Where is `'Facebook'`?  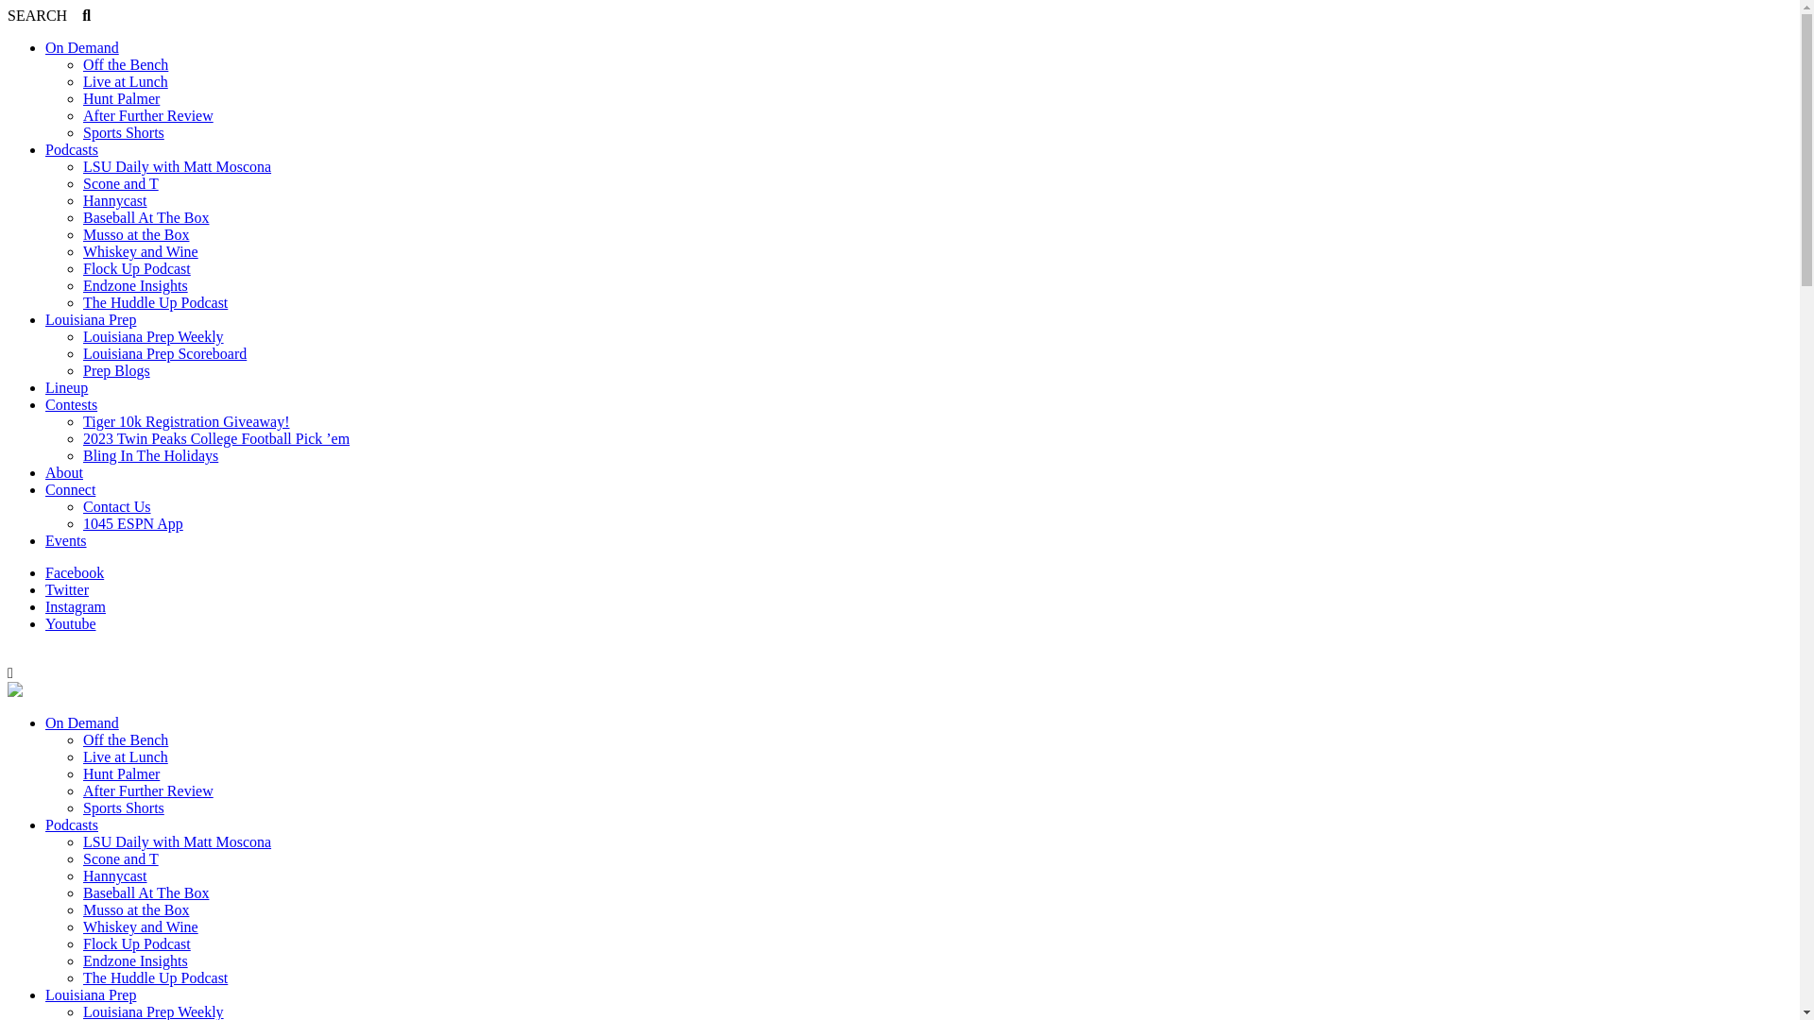 'Facebook' is located at coordinates (74, 571).